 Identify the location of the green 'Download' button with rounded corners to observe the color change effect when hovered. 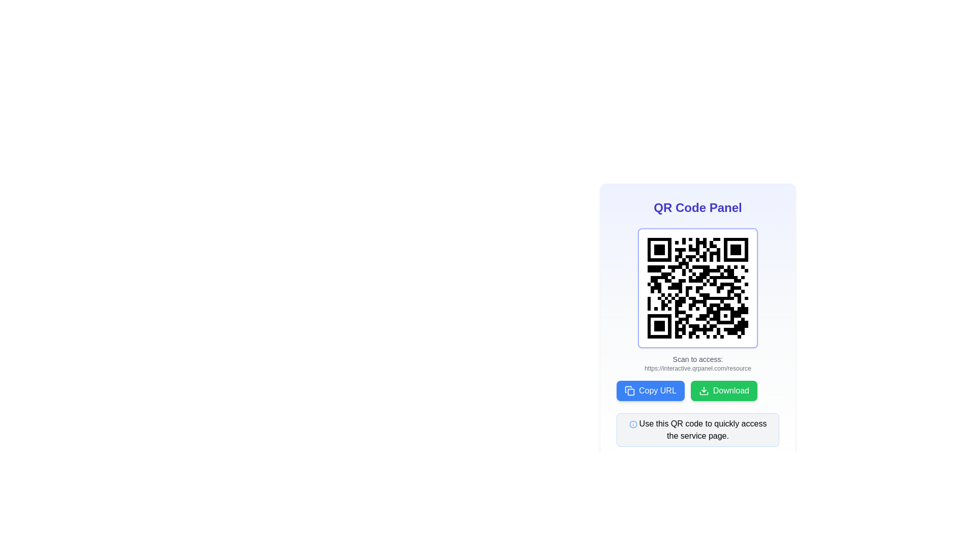
(697, 390).